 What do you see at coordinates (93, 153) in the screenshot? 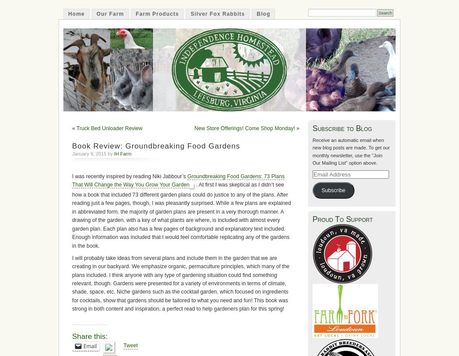
I see `'January 9, 2015 by'` at bounding box center [93, 153].